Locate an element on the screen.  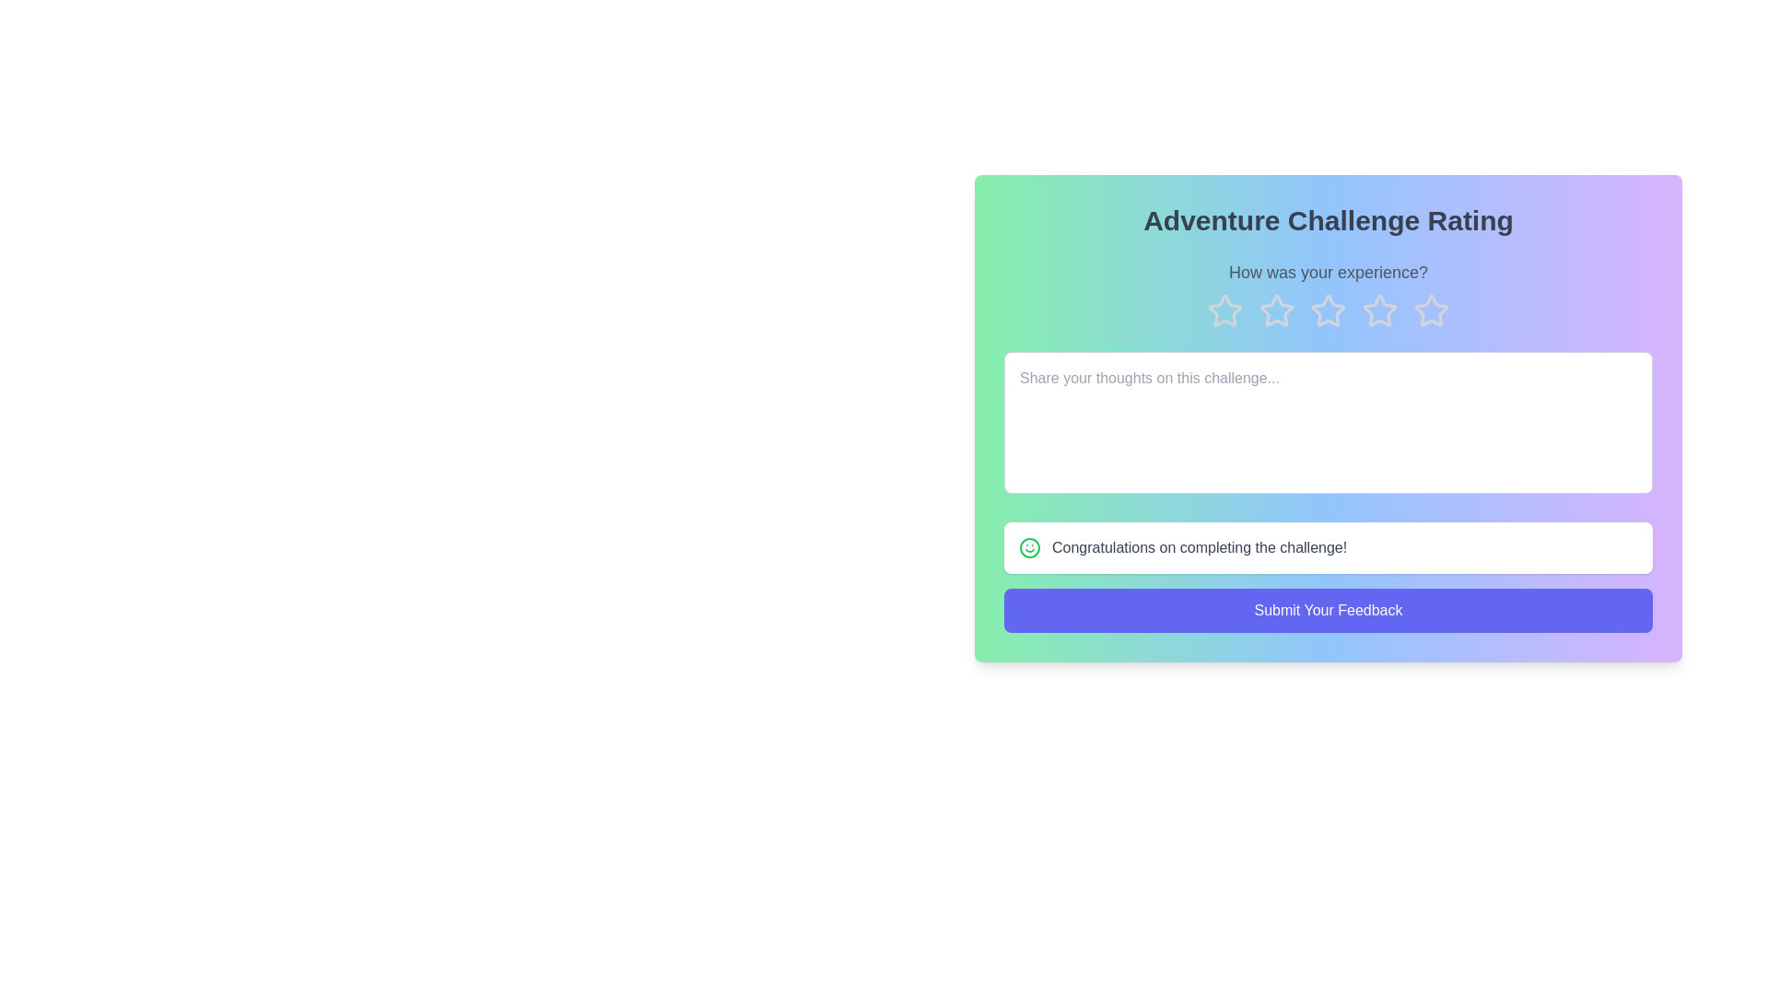
the congratulatory message box located within the 'Adventure Challenge Rating' card, positioned below the user feedback text box and above the 'Submit Your Feedback' button is located at coordinates (1328, 546).